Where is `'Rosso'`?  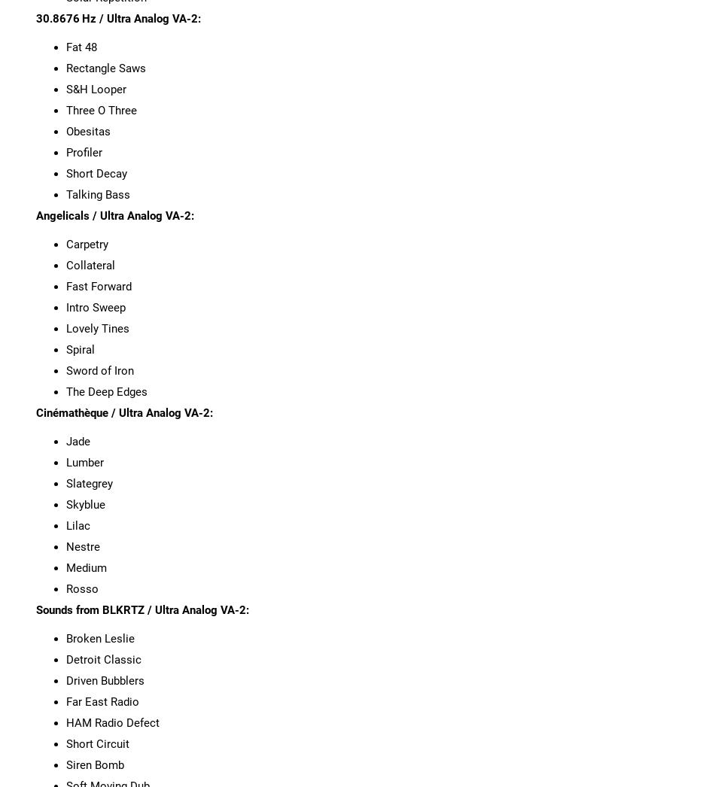 'Rosso' is located at coordinates (81, 587).